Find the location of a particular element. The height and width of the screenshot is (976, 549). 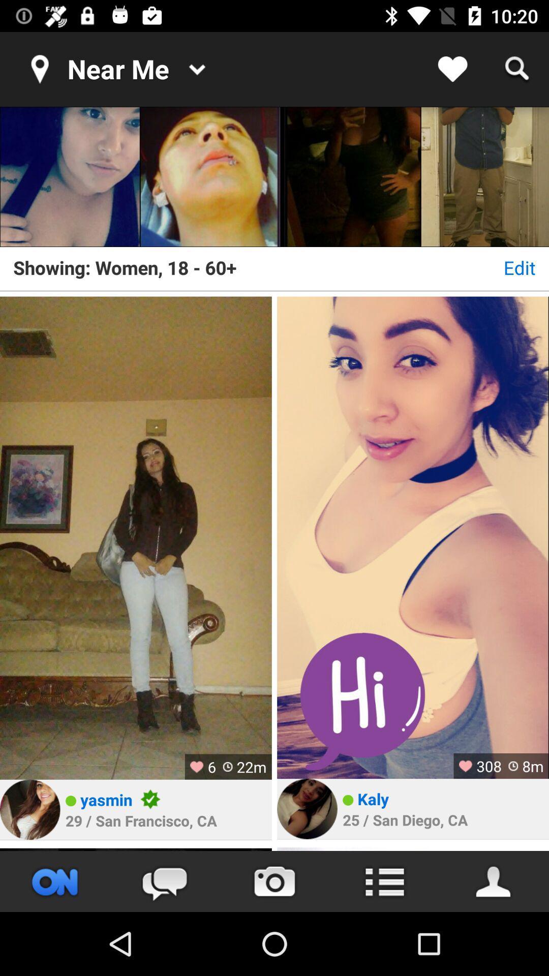

access menu options is located at coordinates (384, 881).